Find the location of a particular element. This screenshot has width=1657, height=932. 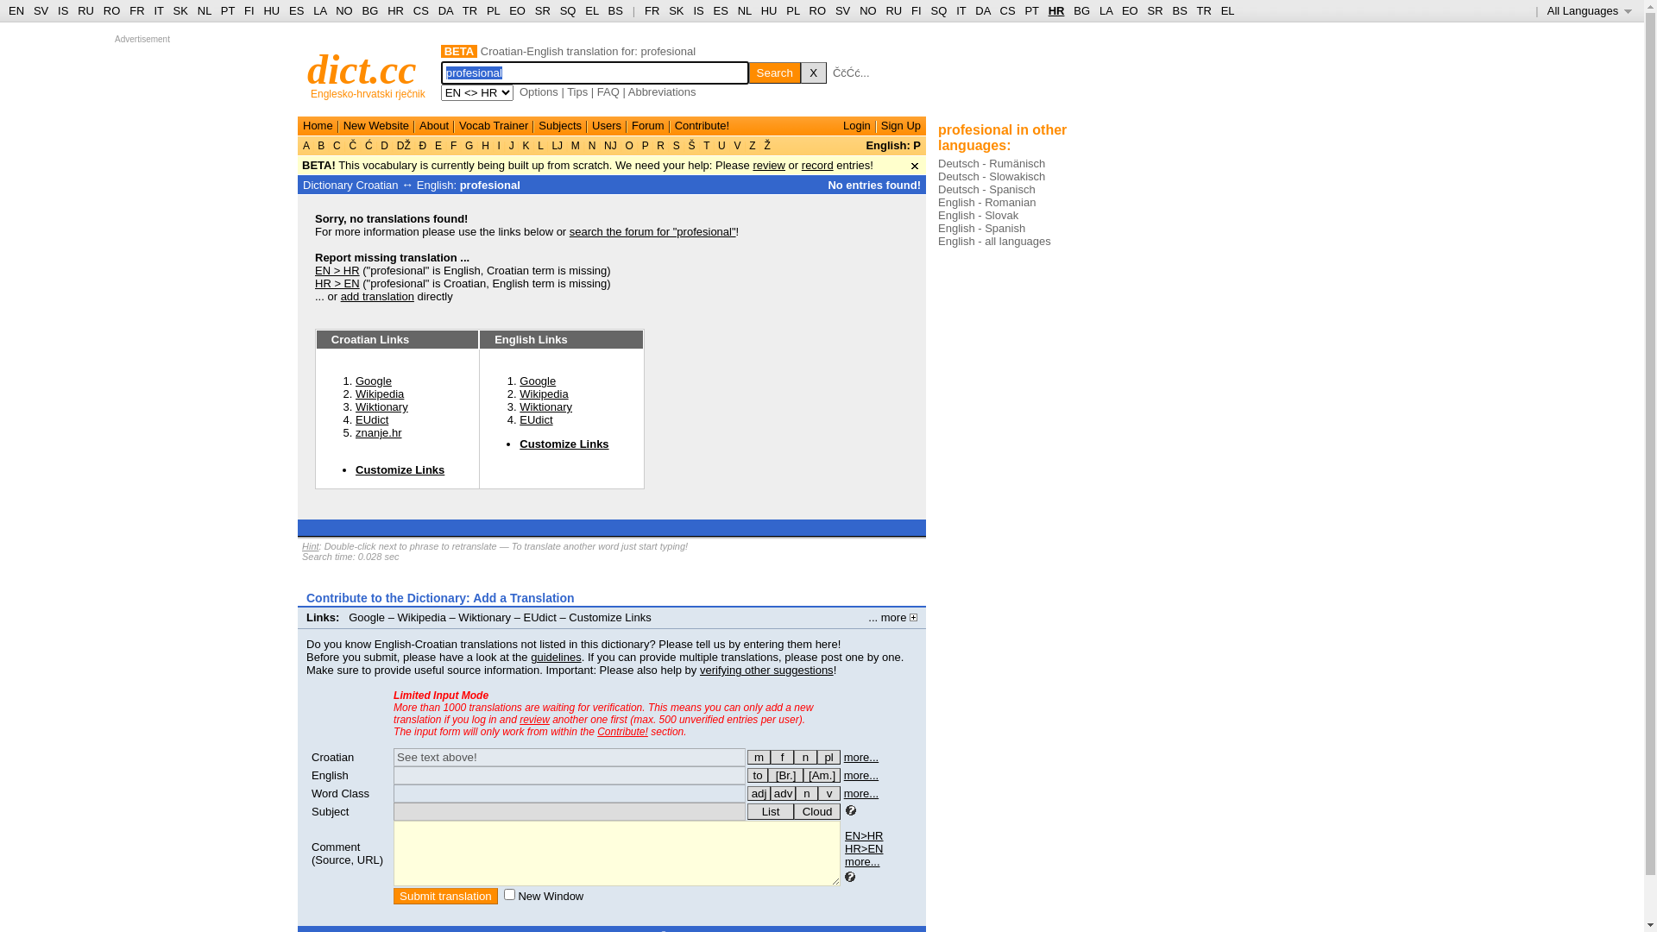

'U' is located at coordinates (721, 145).